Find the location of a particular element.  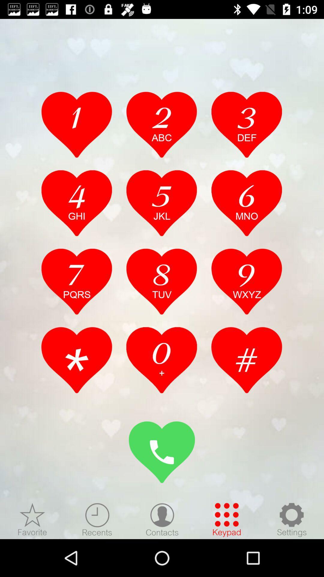

number pad is located at coordinates (76, 281).